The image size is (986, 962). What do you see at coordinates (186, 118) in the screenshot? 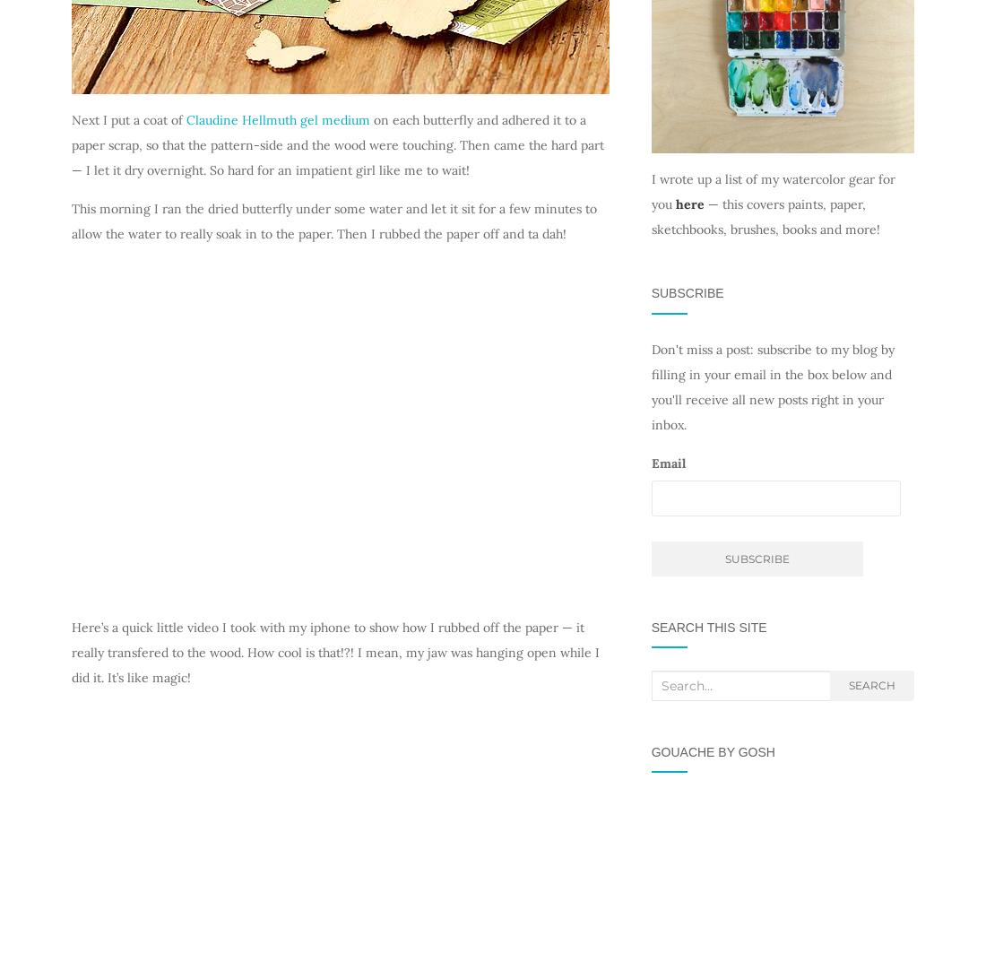
I see `'Claudine Hellmuth gel medium'` at bounding box center [186, 118].